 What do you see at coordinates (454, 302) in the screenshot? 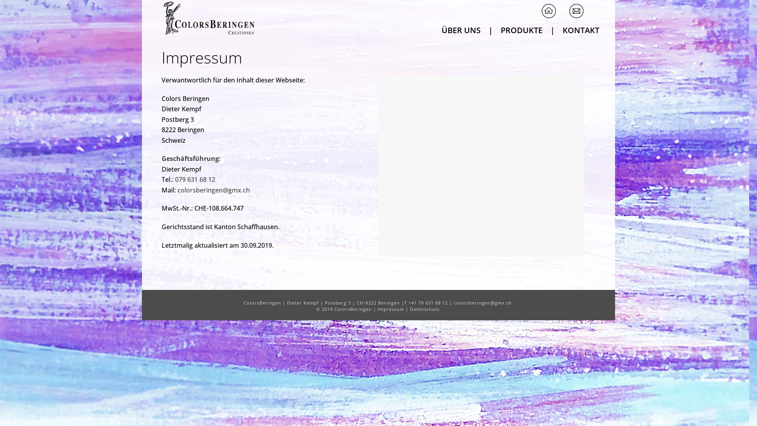
I see `'colorsberingen@gmx.ch'` at bounding box center [454, 302].